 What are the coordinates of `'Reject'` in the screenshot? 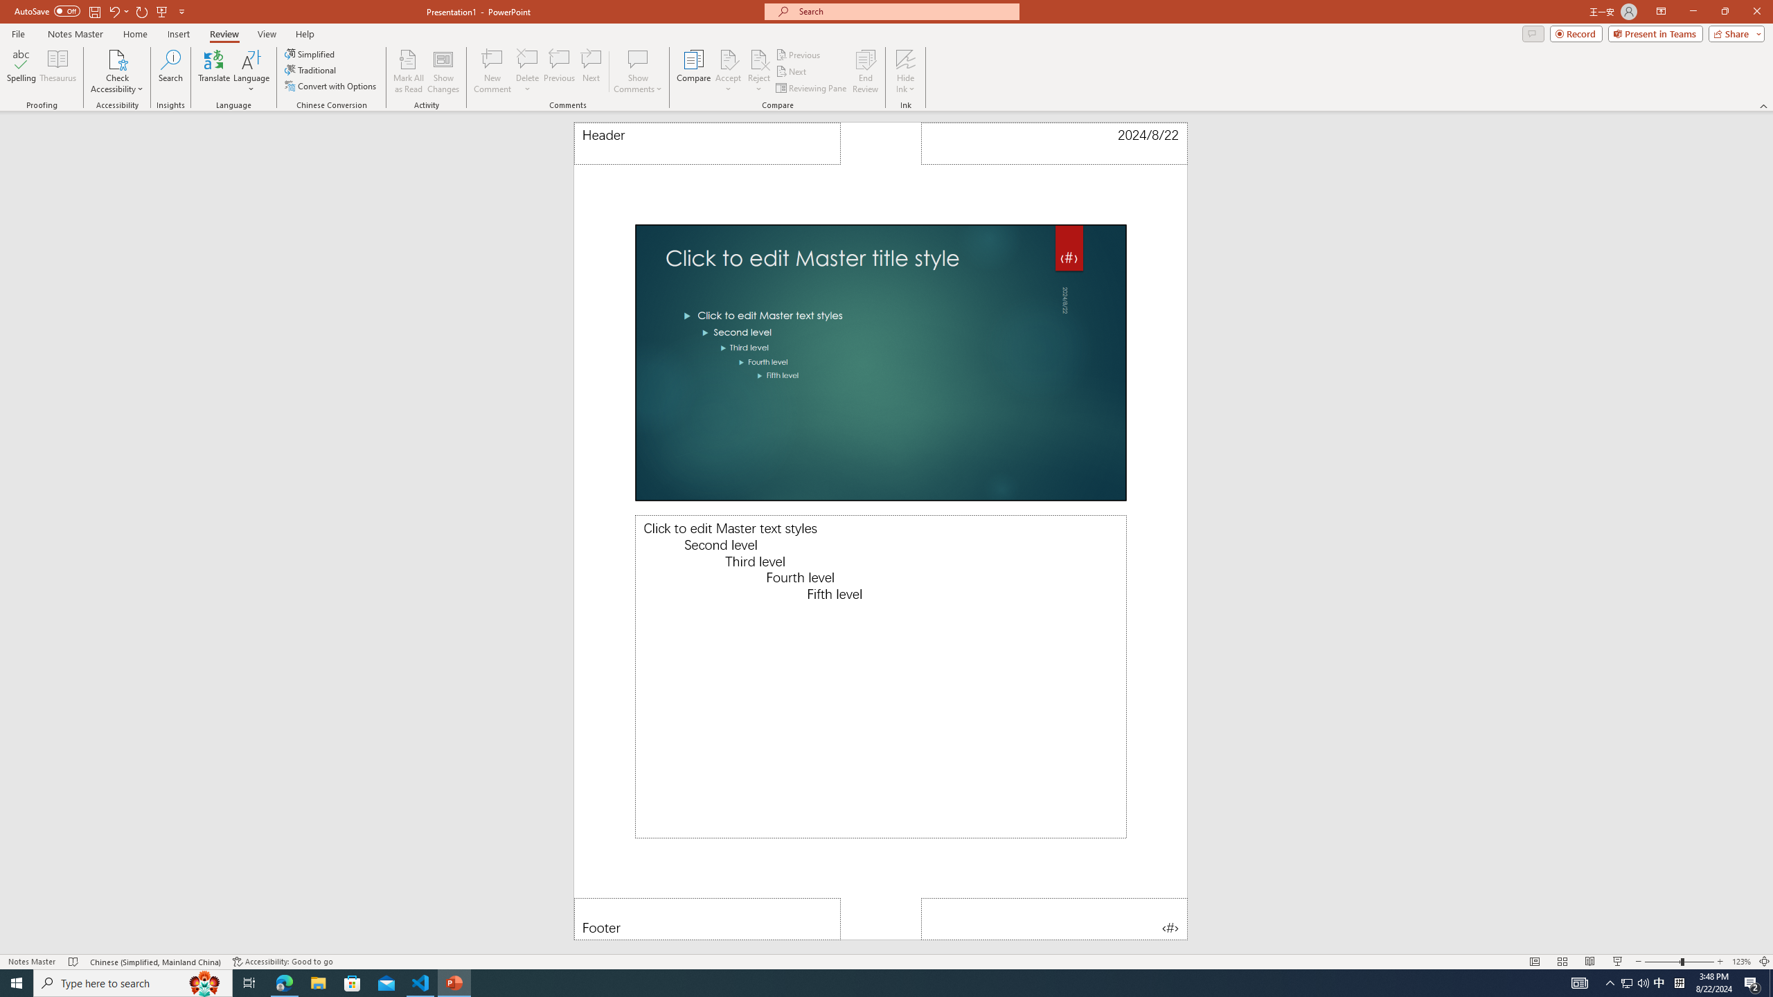 It's located at (758, 71).